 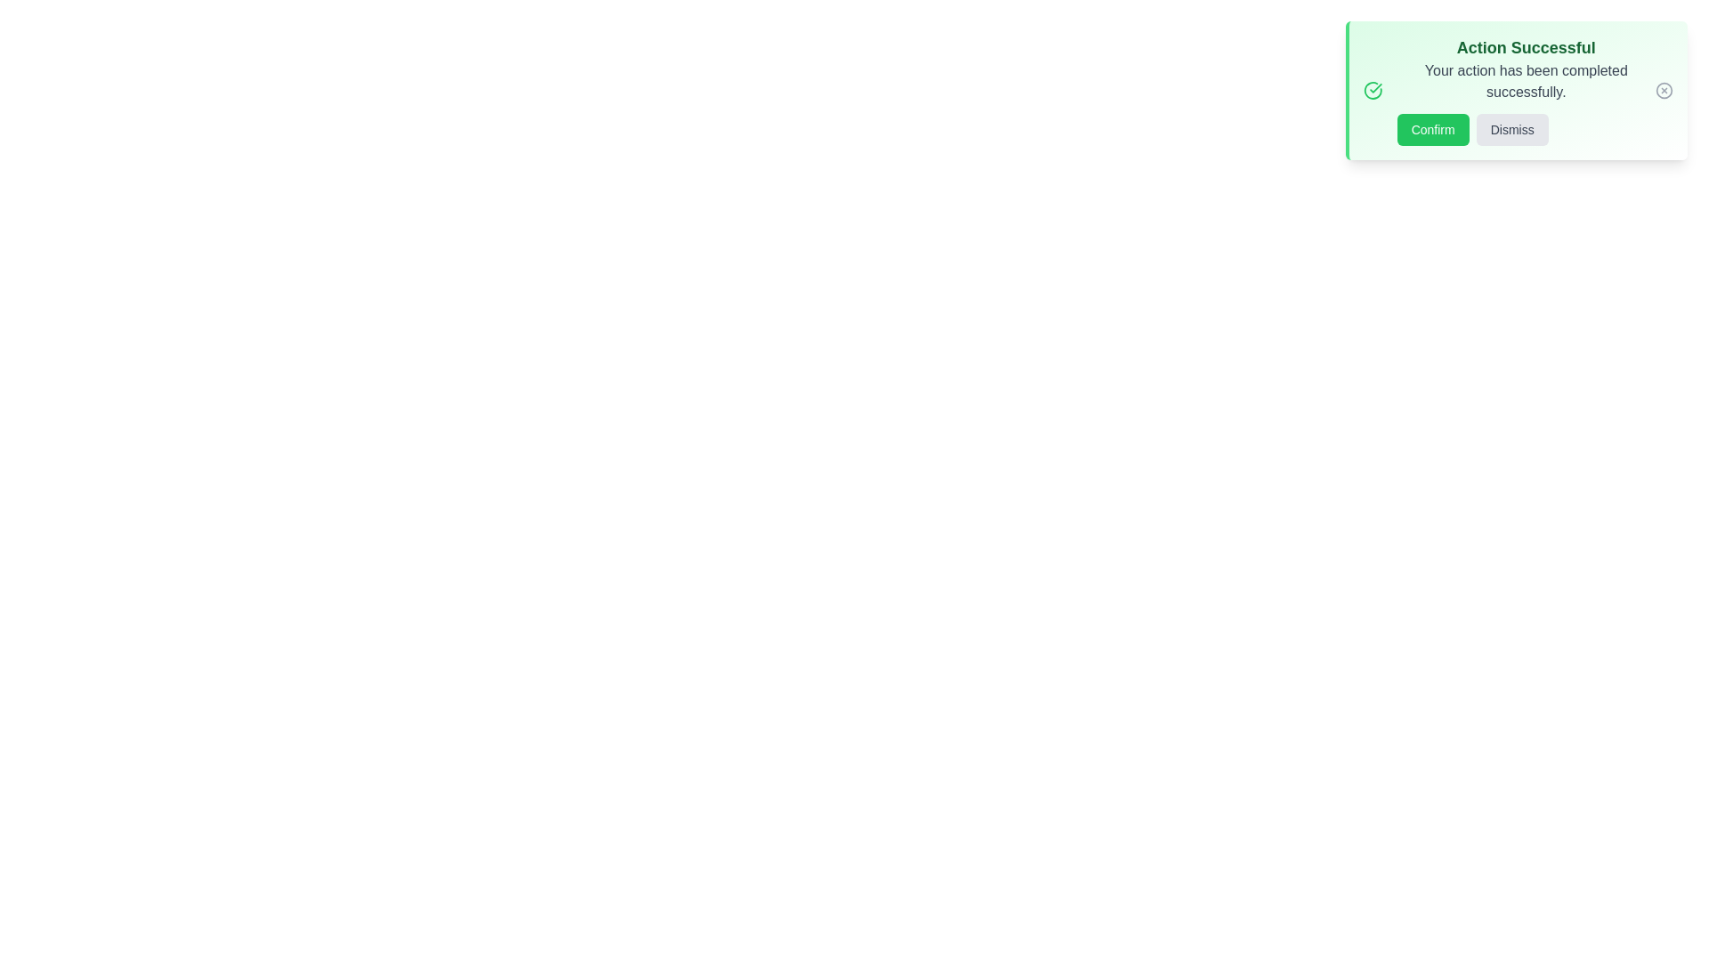 What do you see at coordinates (1433, 129) in the screenshot?
I see `the 'Confirm' button to acknowledge the action` at bounding box center [1433, 129].